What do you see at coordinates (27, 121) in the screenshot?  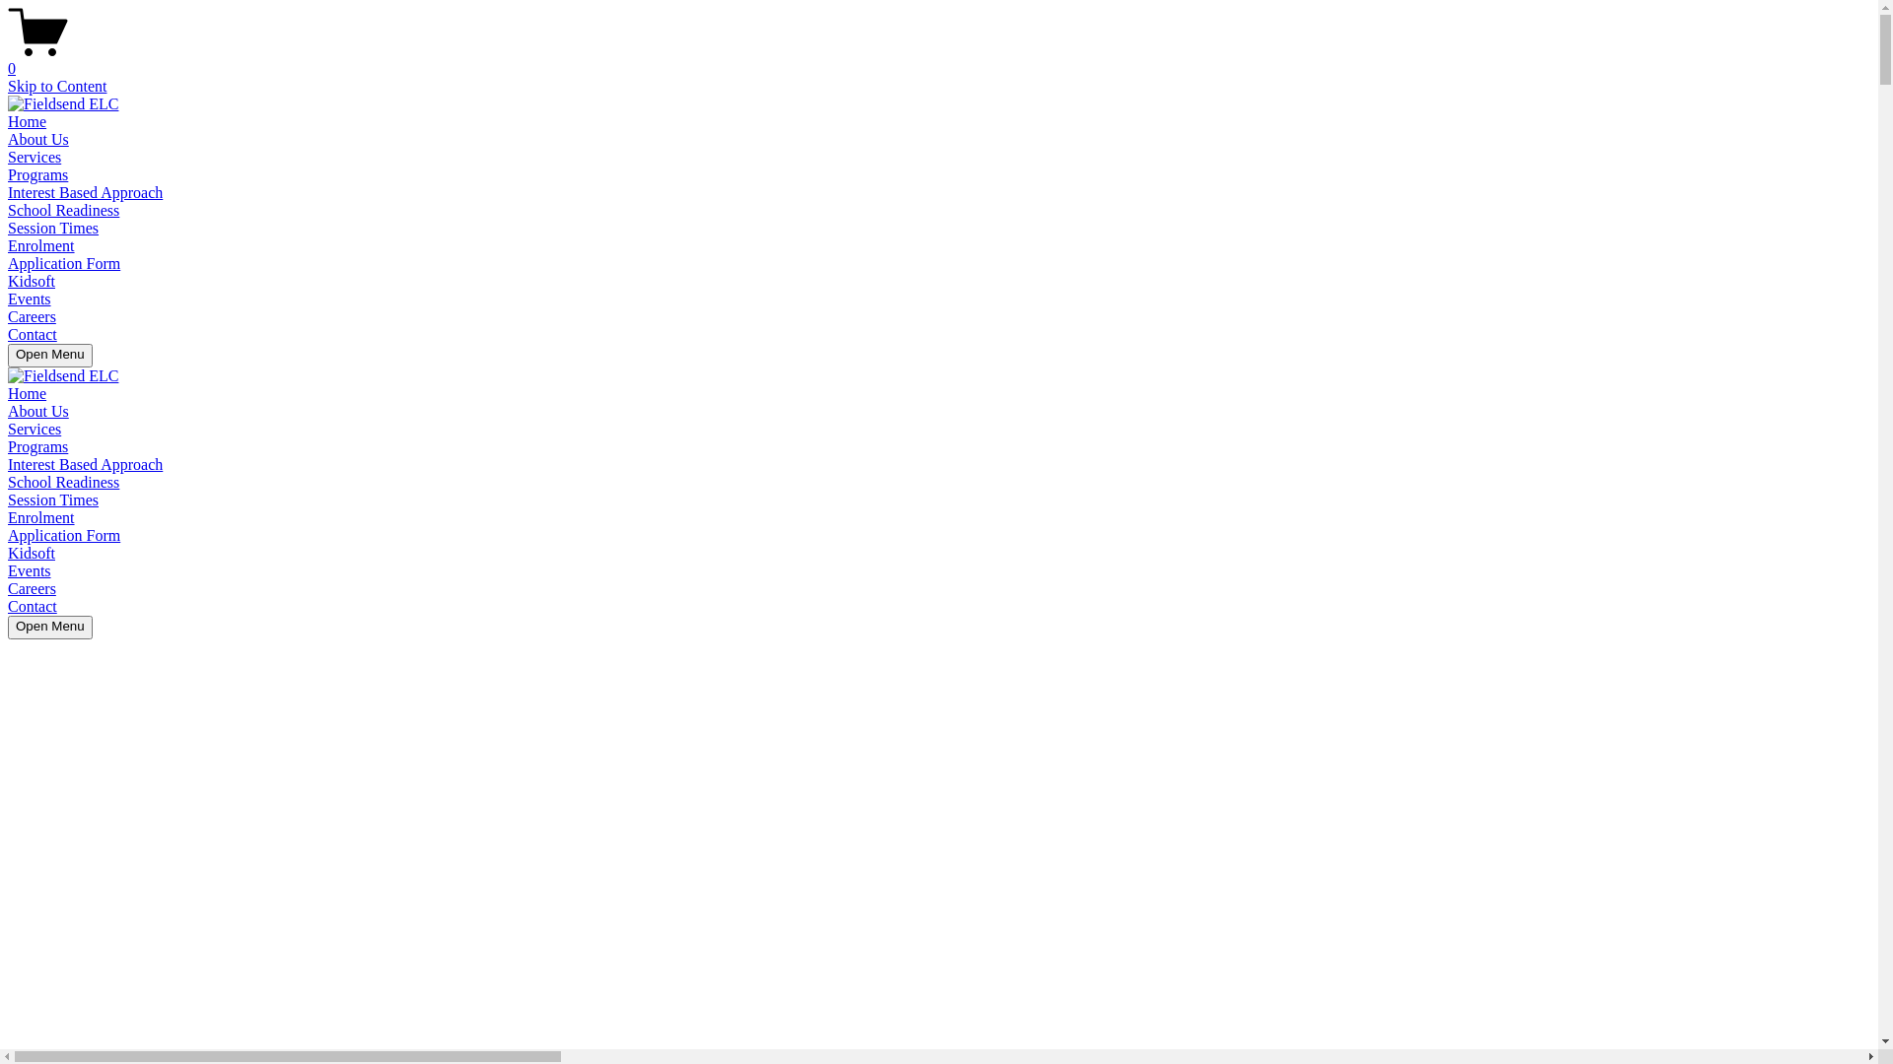 I see `'Home'` at bounding box center [27, 121].